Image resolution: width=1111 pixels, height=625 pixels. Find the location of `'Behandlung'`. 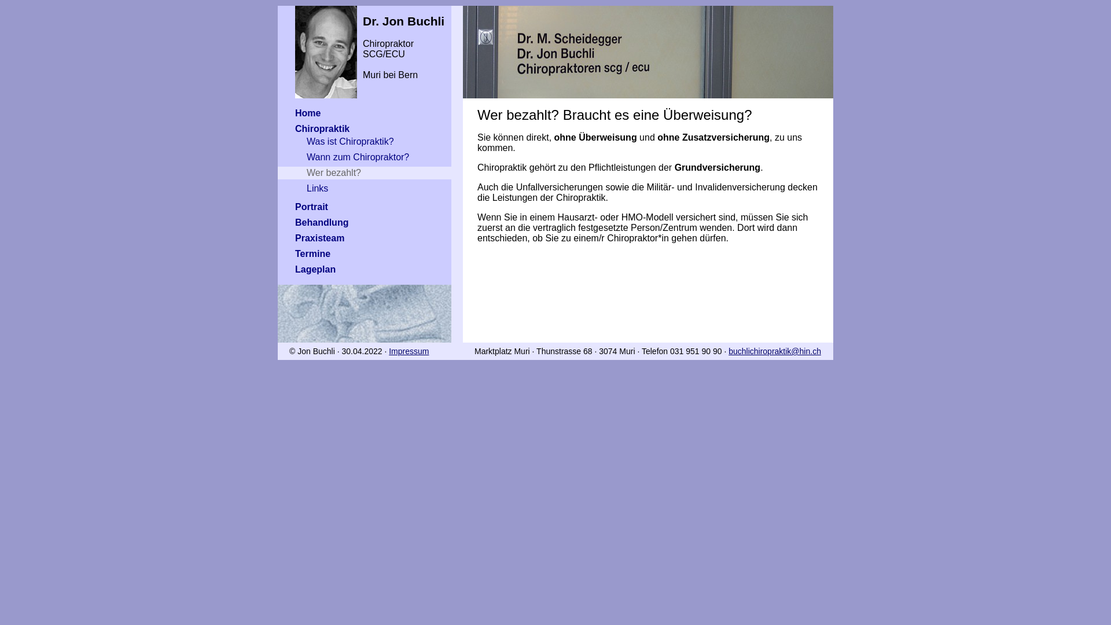

'Behandlung' is located at coordinates (278, 223).